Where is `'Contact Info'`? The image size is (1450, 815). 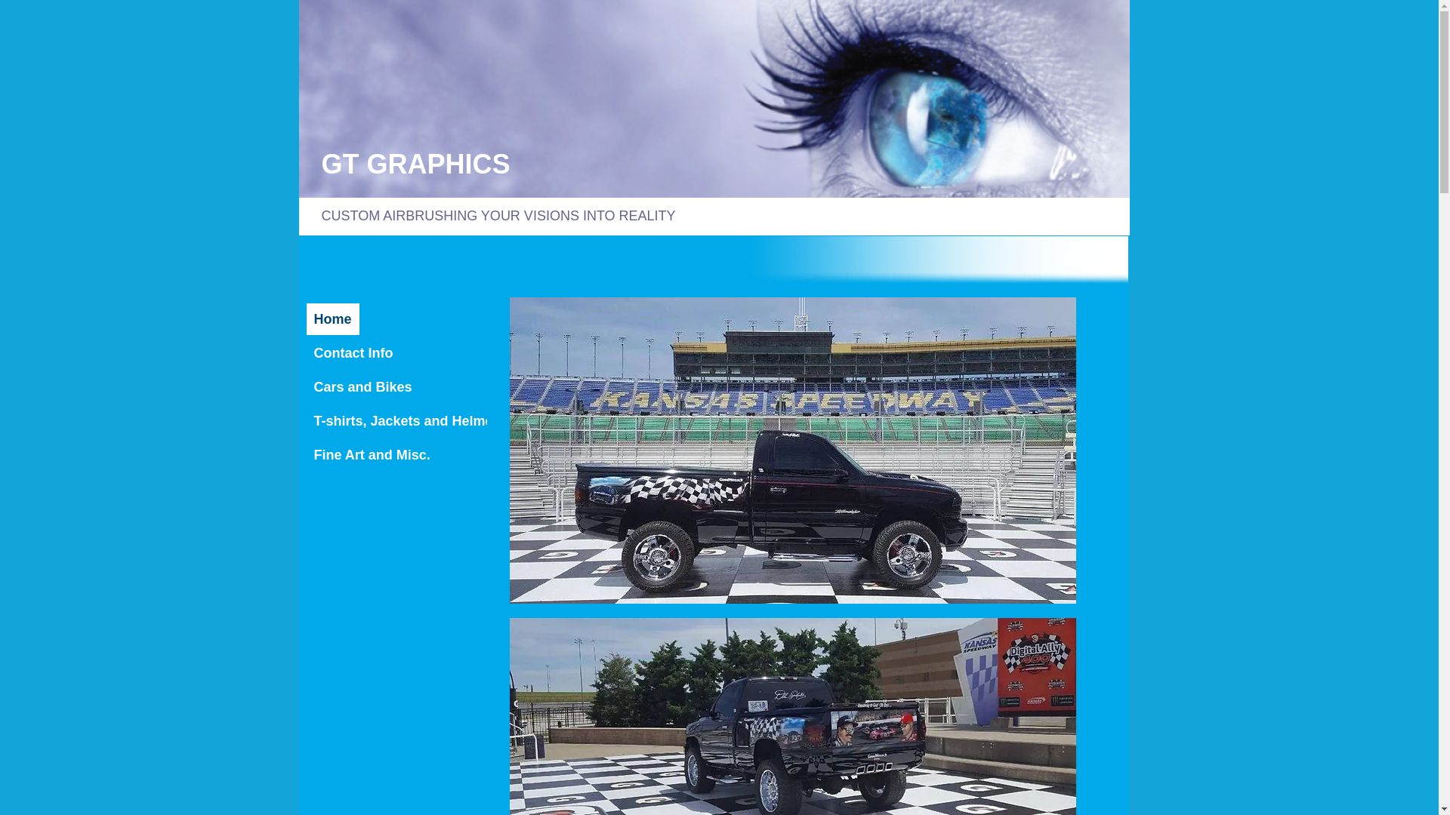
'Contact Info' is located at coordinates (353, 352).